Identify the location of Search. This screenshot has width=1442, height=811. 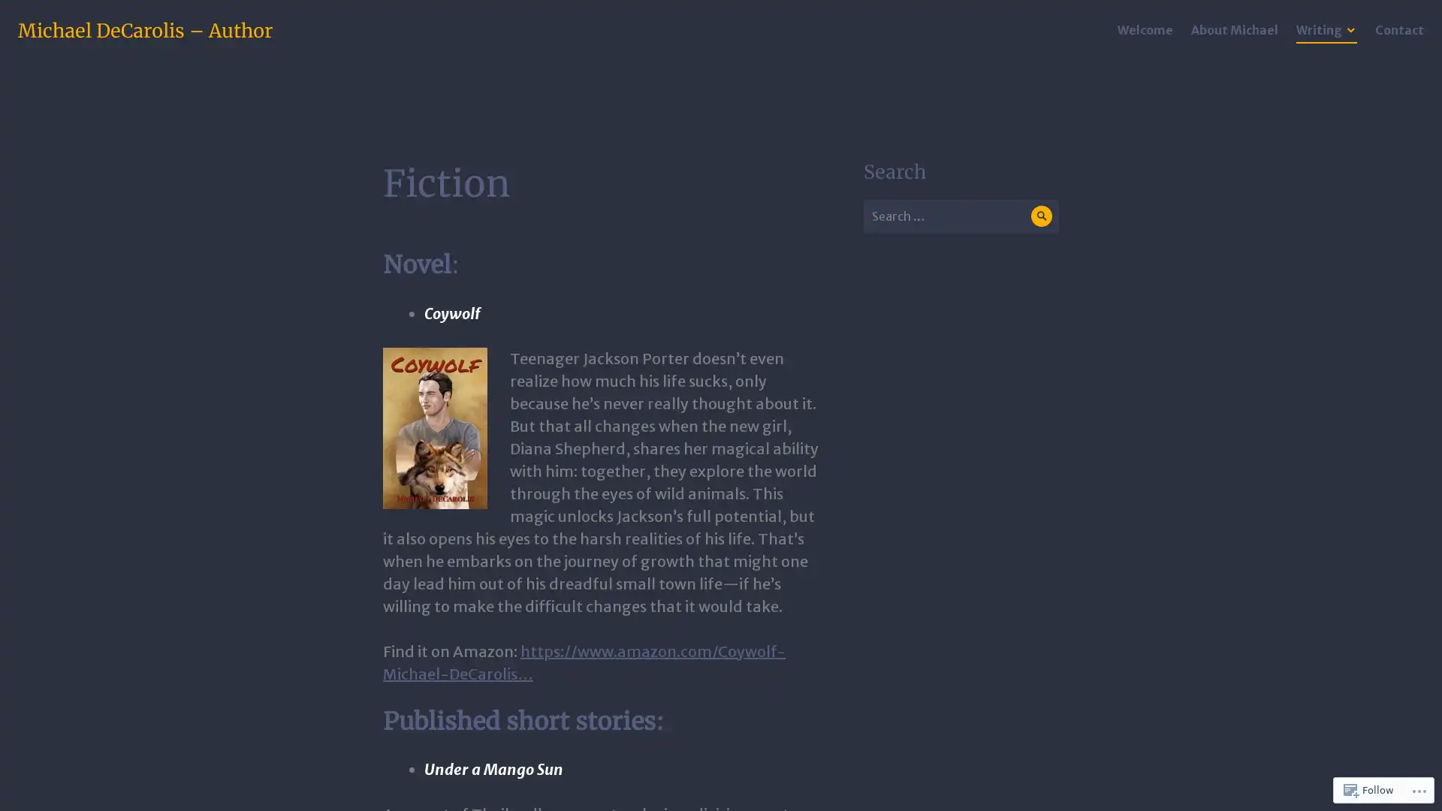
(1040, 216).